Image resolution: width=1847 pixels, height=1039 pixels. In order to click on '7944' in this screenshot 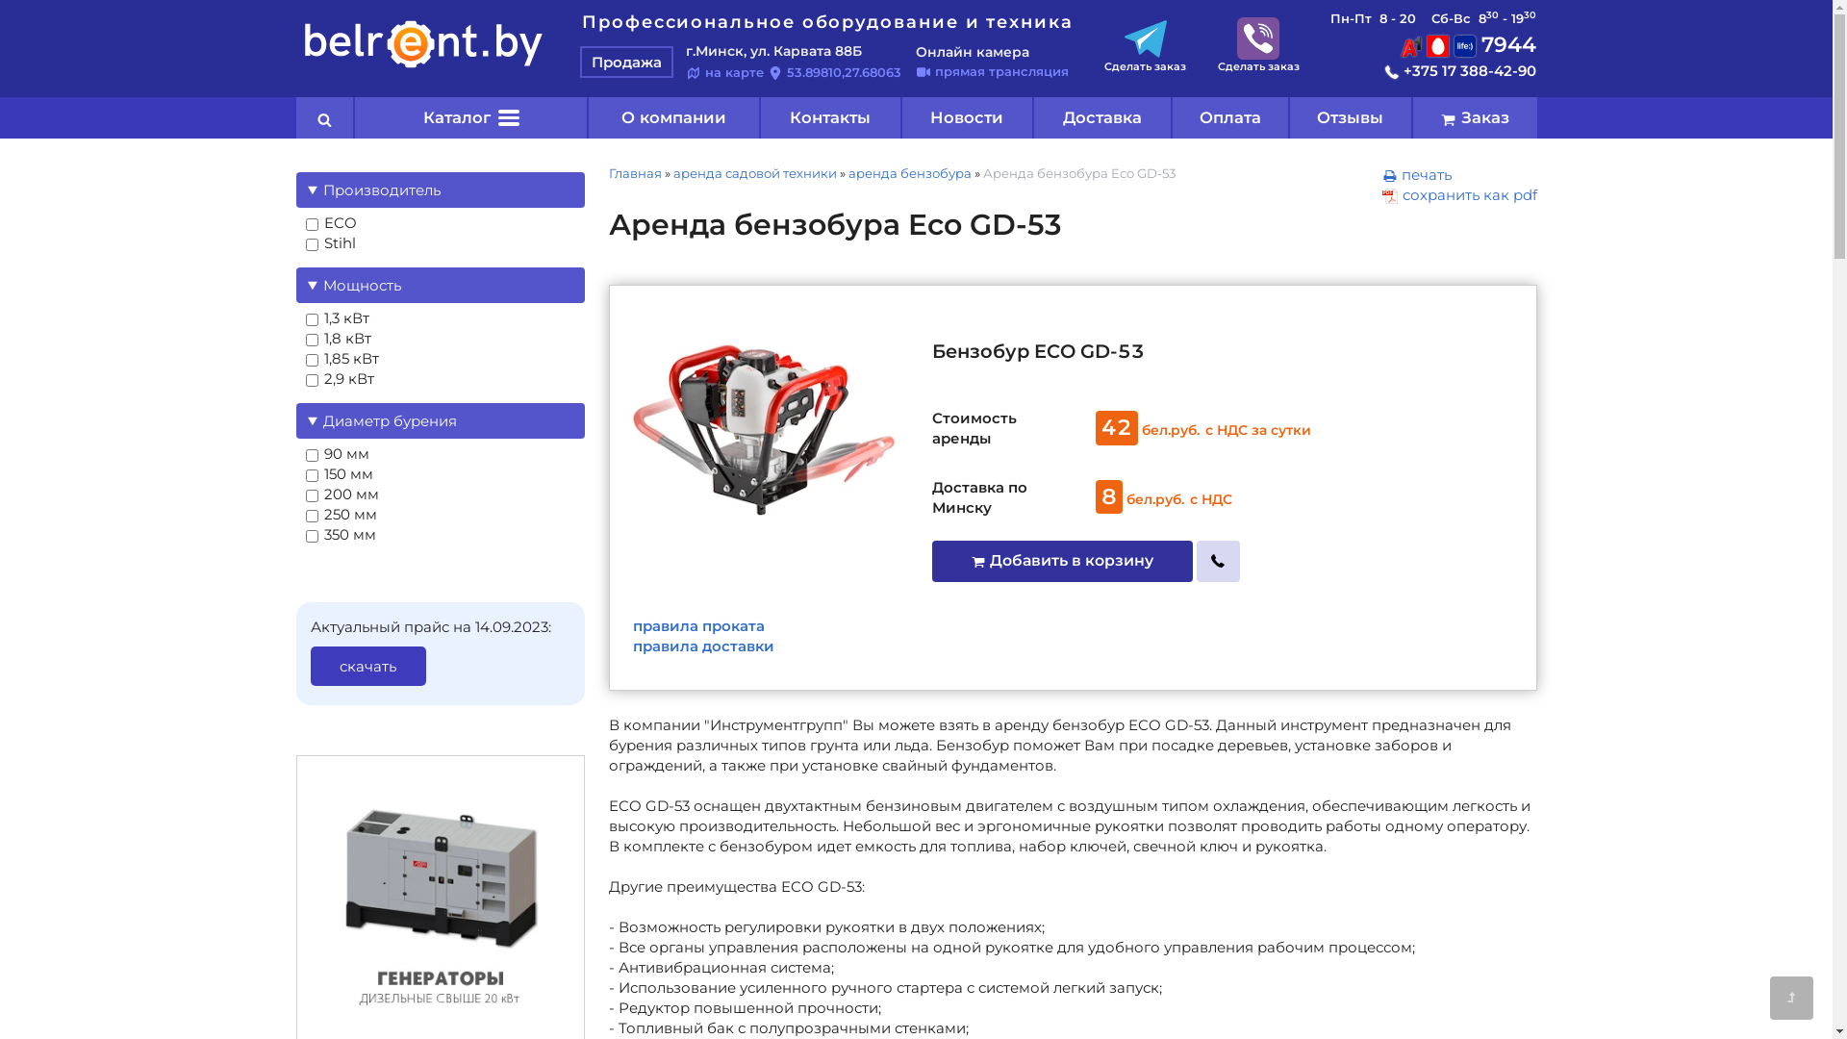, I will do `click(1467, 43)`.